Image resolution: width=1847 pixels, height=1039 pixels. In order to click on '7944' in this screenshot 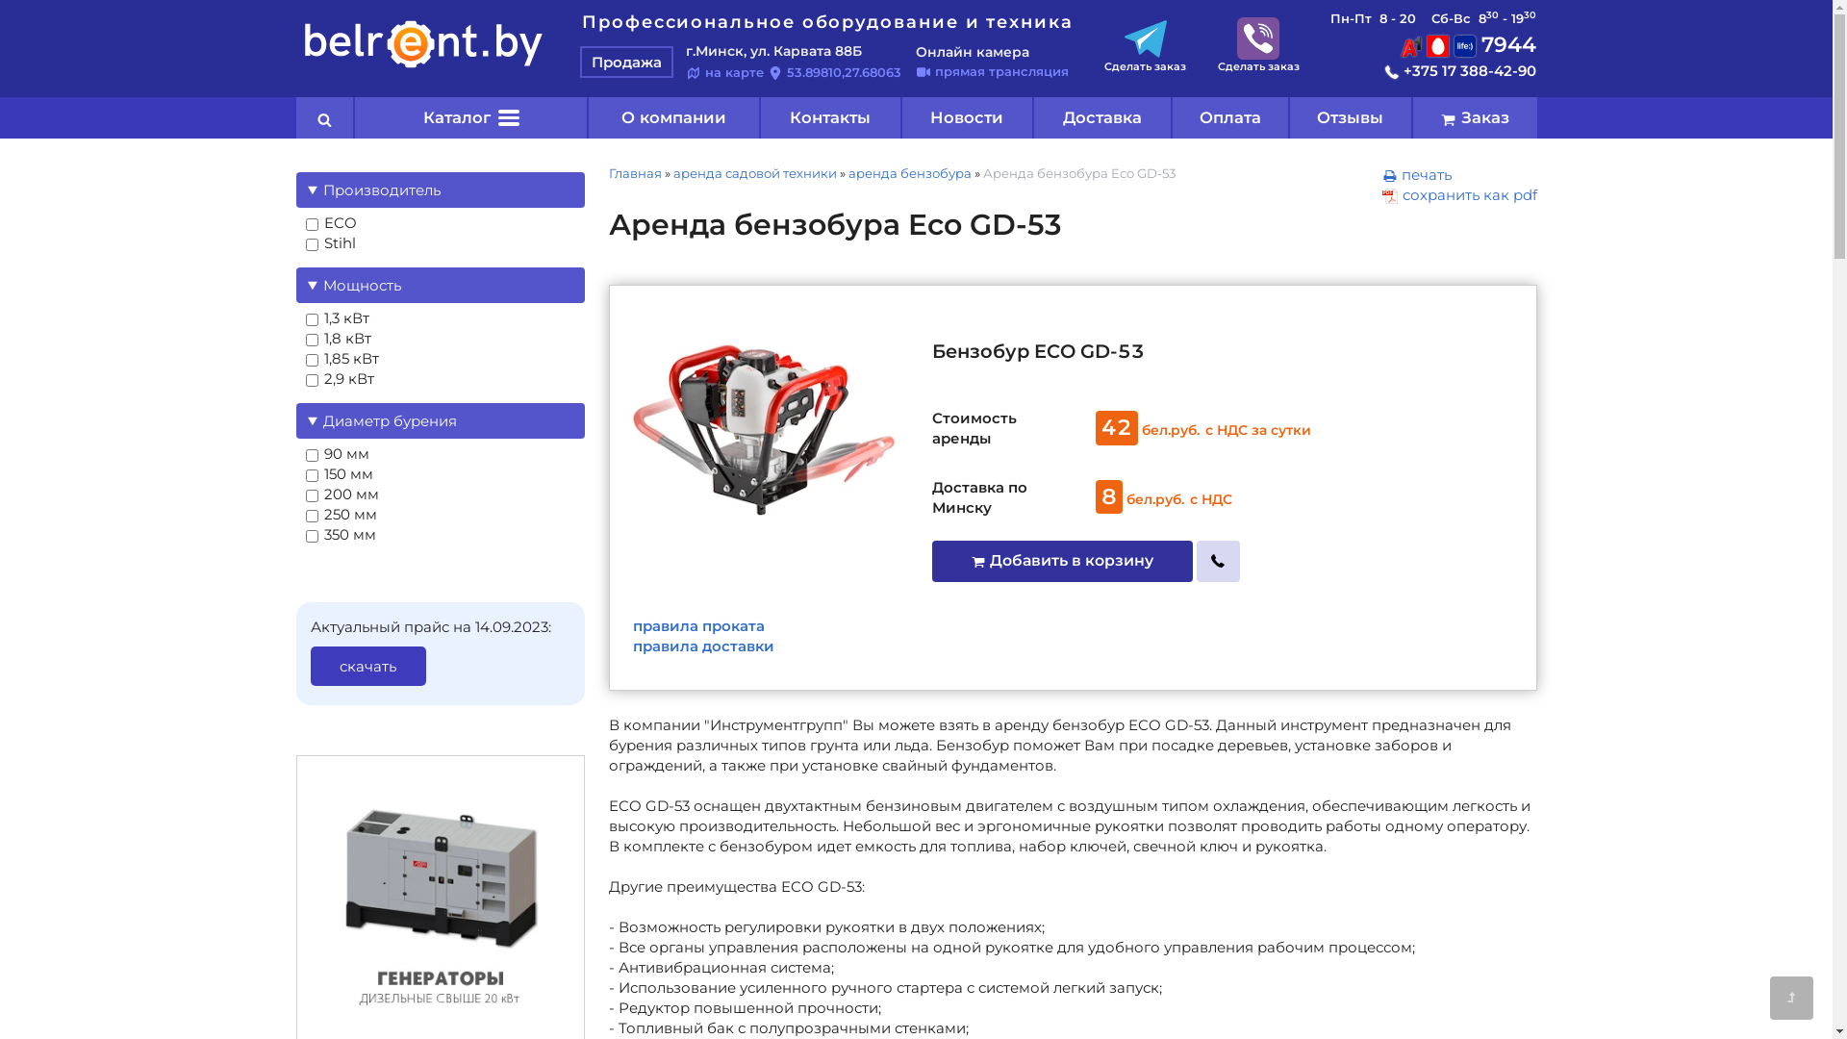, I will do `click(1467, 43)`.